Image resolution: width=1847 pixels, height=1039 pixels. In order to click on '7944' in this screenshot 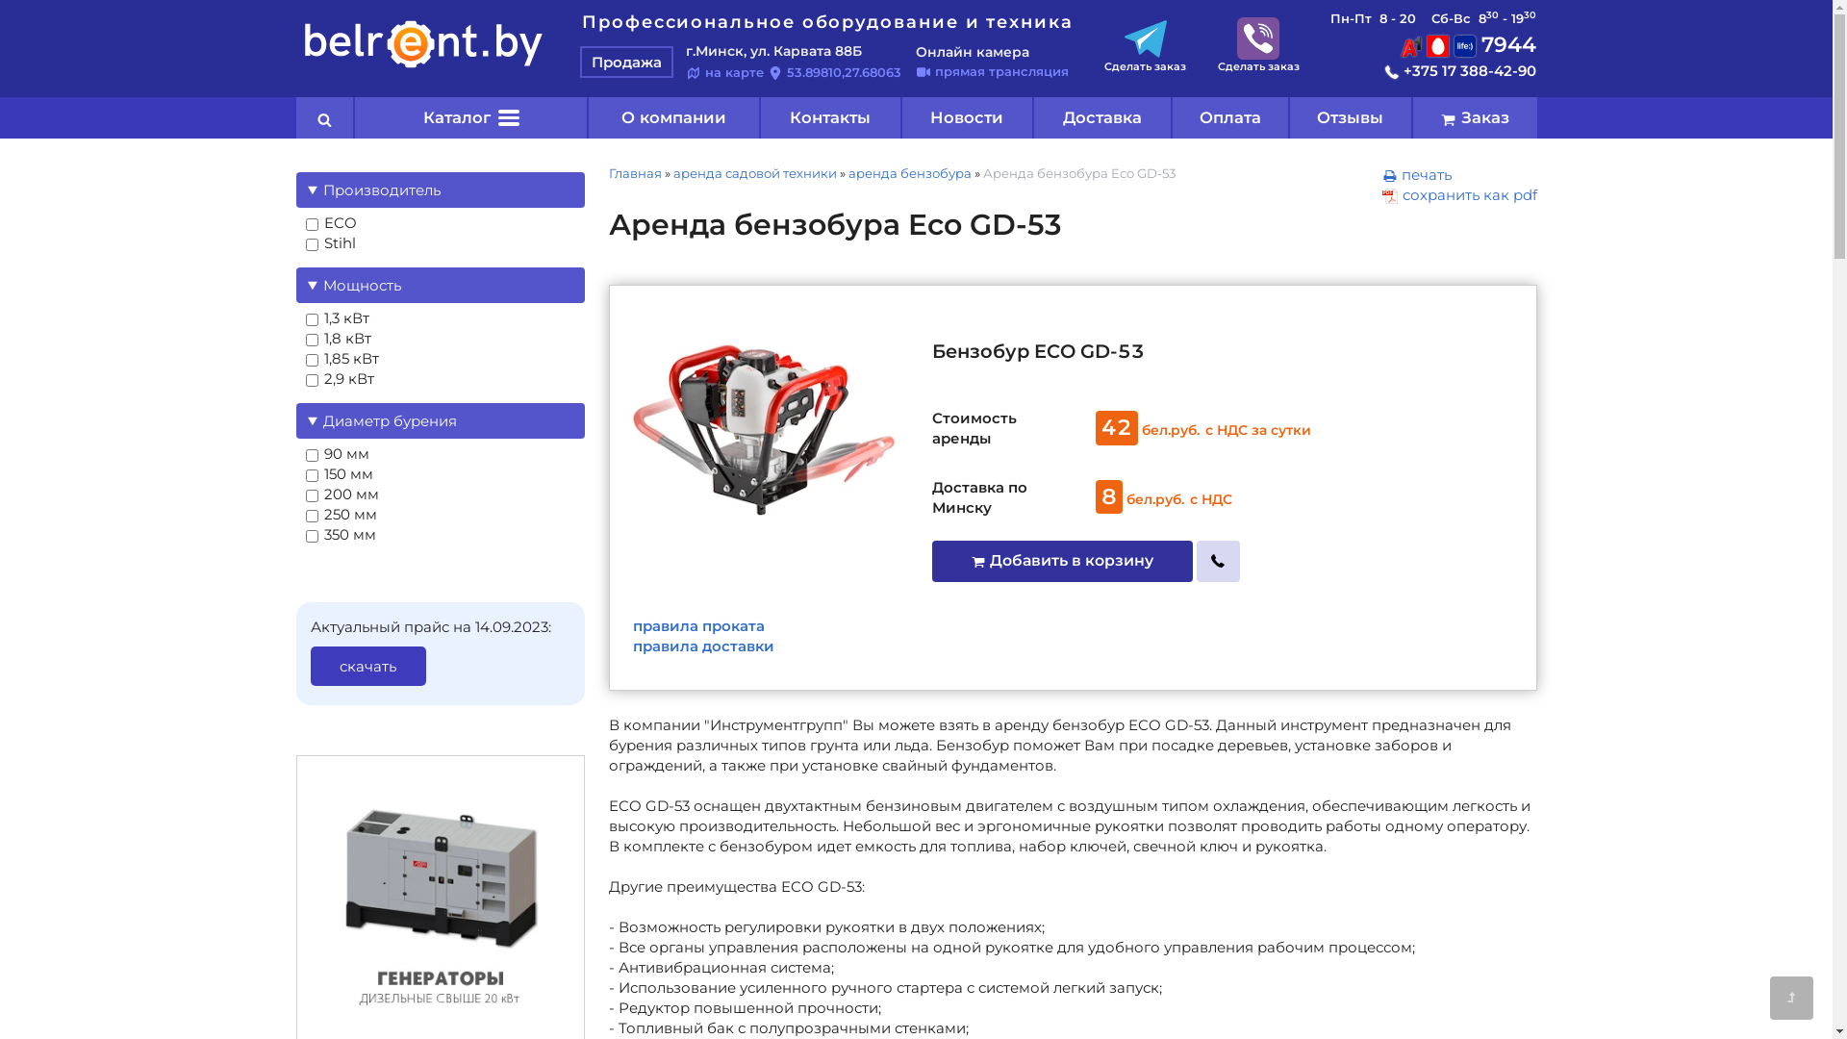, I will do `click(1467, 43)`.